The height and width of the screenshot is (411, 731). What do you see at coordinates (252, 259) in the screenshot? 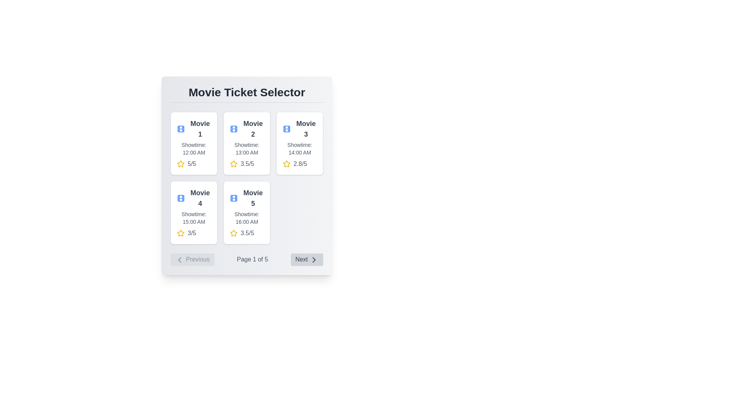
I see `the text label that indicates the current page number and total number of pages, which is centrally located in the horizontal navigation section between 'Previous' and 'Next' buttons` at bounding box center [252, 259].